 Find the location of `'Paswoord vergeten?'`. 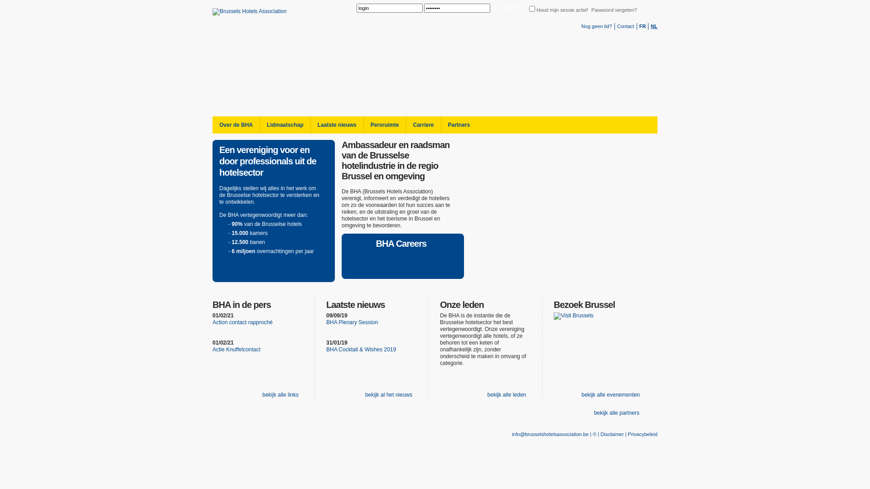

'Paswoord vergeten?' is located at coordinates (591, 10).